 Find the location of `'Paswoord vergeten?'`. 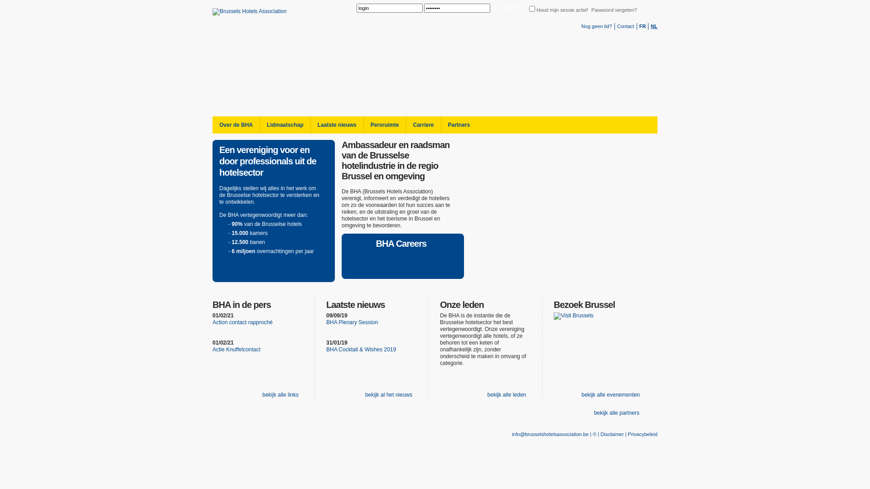

'Paswoord vergeten?' is located at coordinates (591, 10).